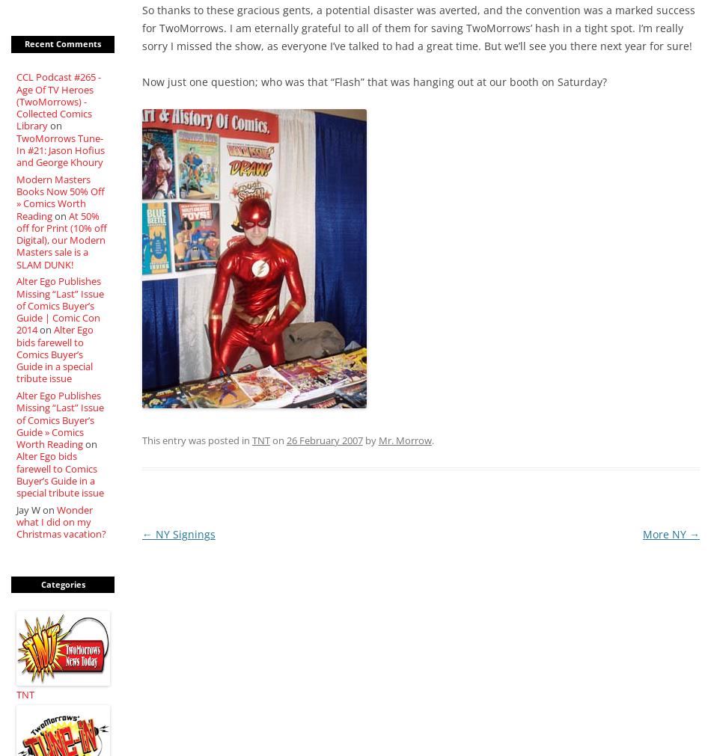 The image size is (711, 756). What do you see at coordinates (141, 440) in the screenshot?
I see `'This entry was posted in'` at bounding box center [141, 440].